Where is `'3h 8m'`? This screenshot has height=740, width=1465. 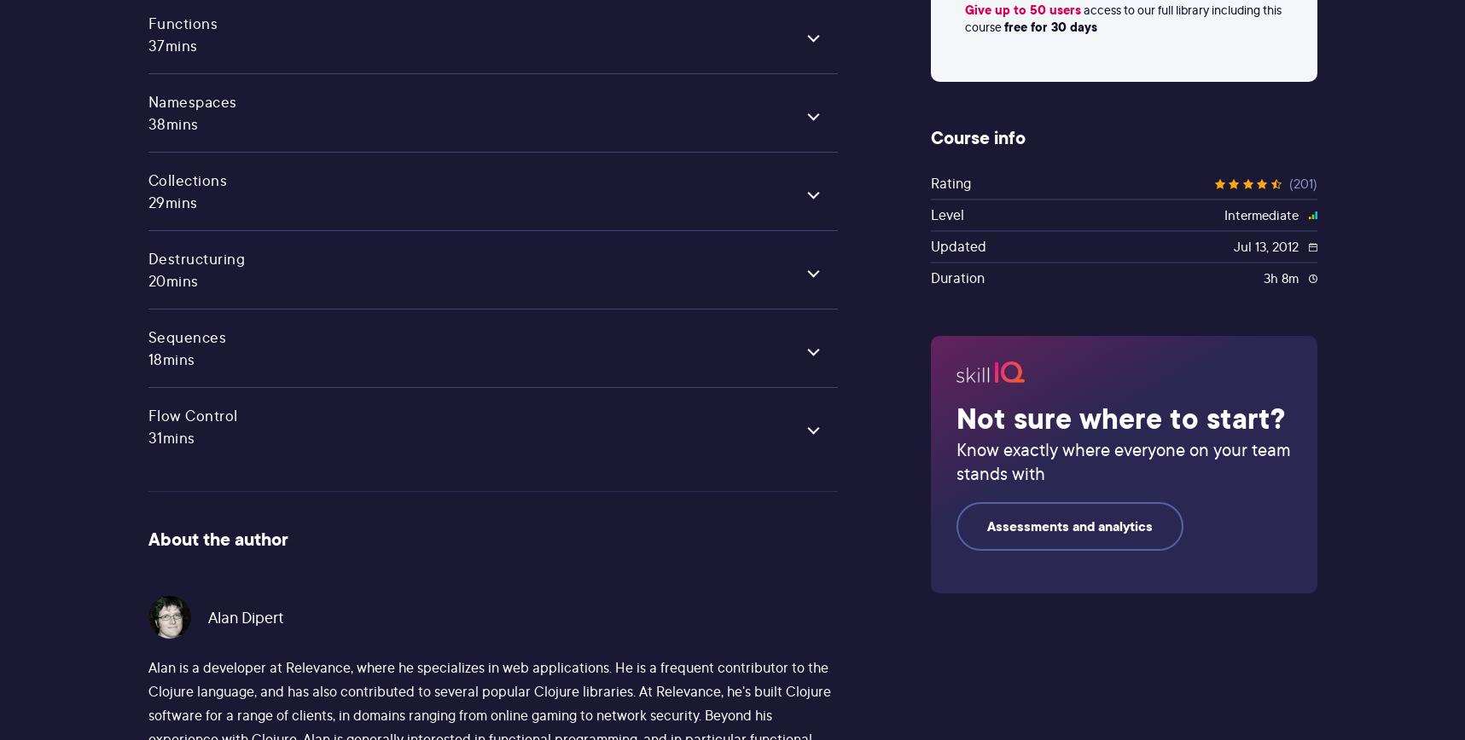 '3h 8m' is located at coordinates (1282, 278).